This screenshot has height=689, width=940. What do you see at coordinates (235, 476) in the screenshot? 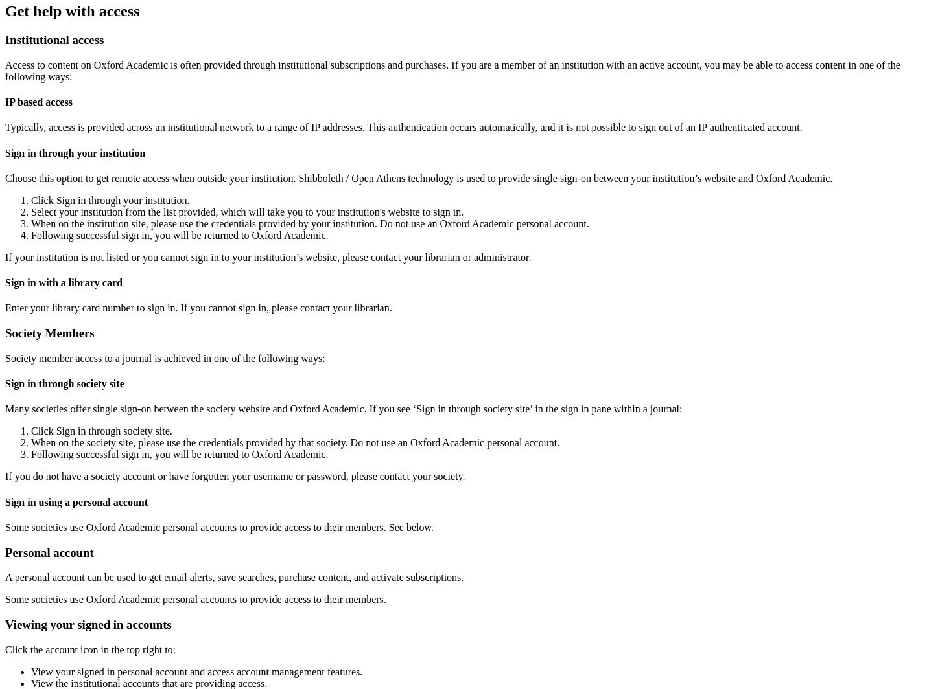
I see `'If you do not have a society account or have forgotten your username or password, please contact your society.'` at bounding box center [235, 476].